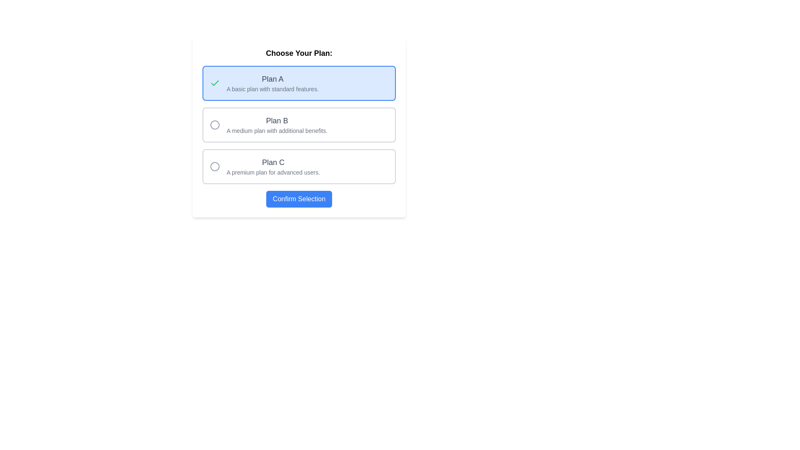 Image resolution: width=800 pixels, height=450 pixels. Describe the element at coordinates (299, 199) in the screenshot. I see `the confirmation button located at the bottom of the interface to observe styling changes` at that location.